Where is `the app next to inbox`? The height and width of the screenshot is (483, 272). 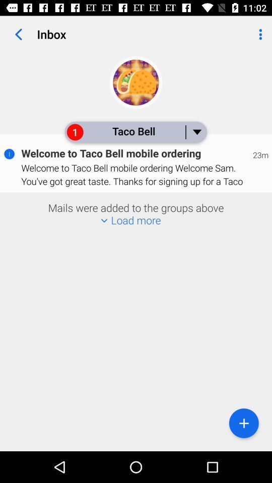 the app next to inbox is located at coordinates (18, 34).